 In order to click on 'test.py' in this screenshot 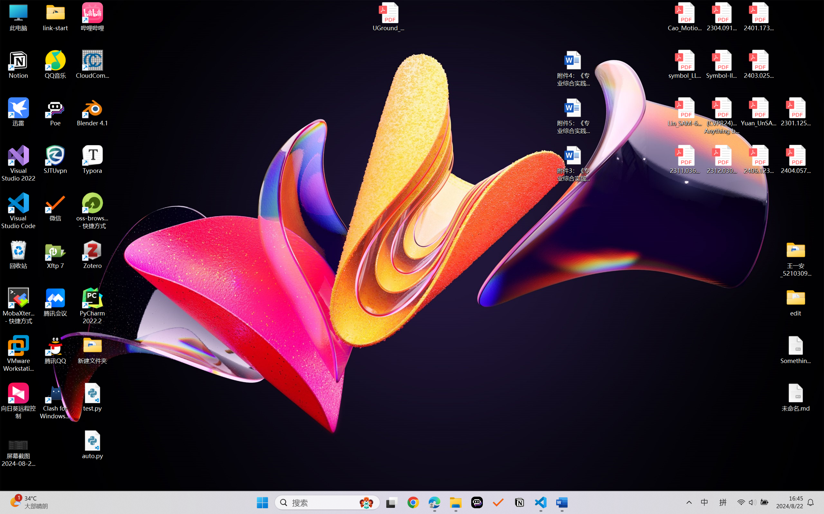, I will do `click(92, 397)`.